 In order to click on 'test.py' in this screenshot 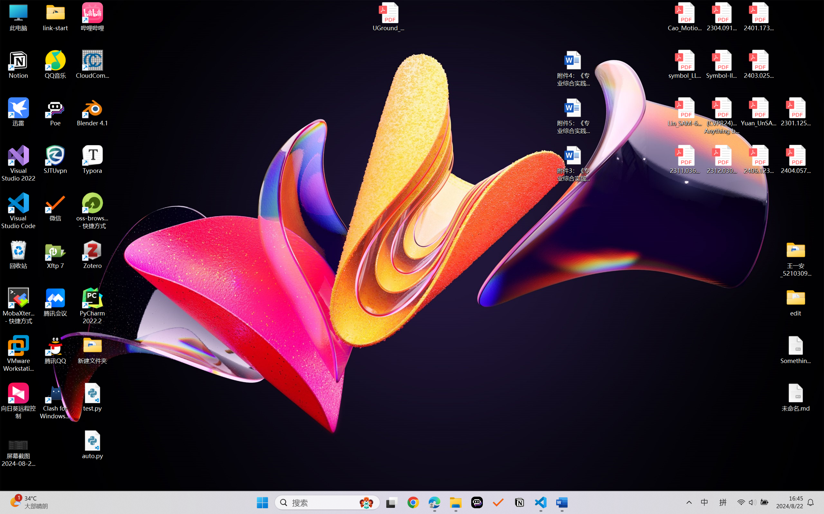, I will do `click(92, 397)`.